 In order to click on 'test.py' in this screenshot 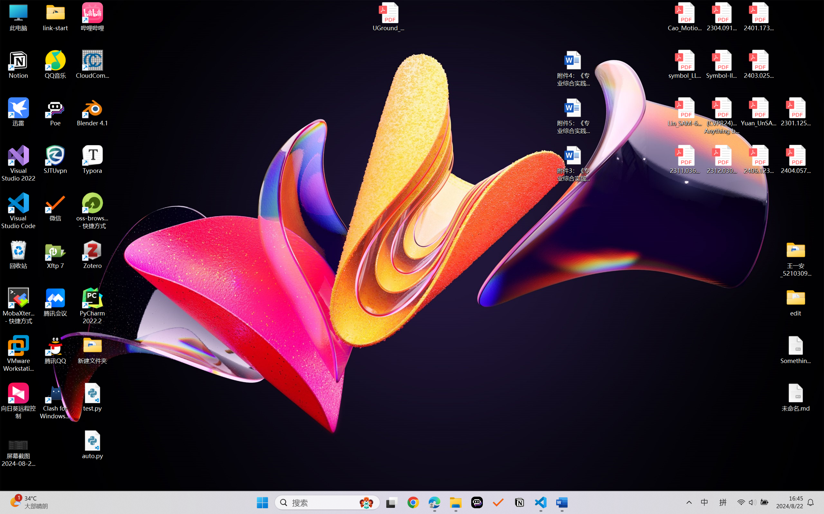, I will do `click(92, 397)`.